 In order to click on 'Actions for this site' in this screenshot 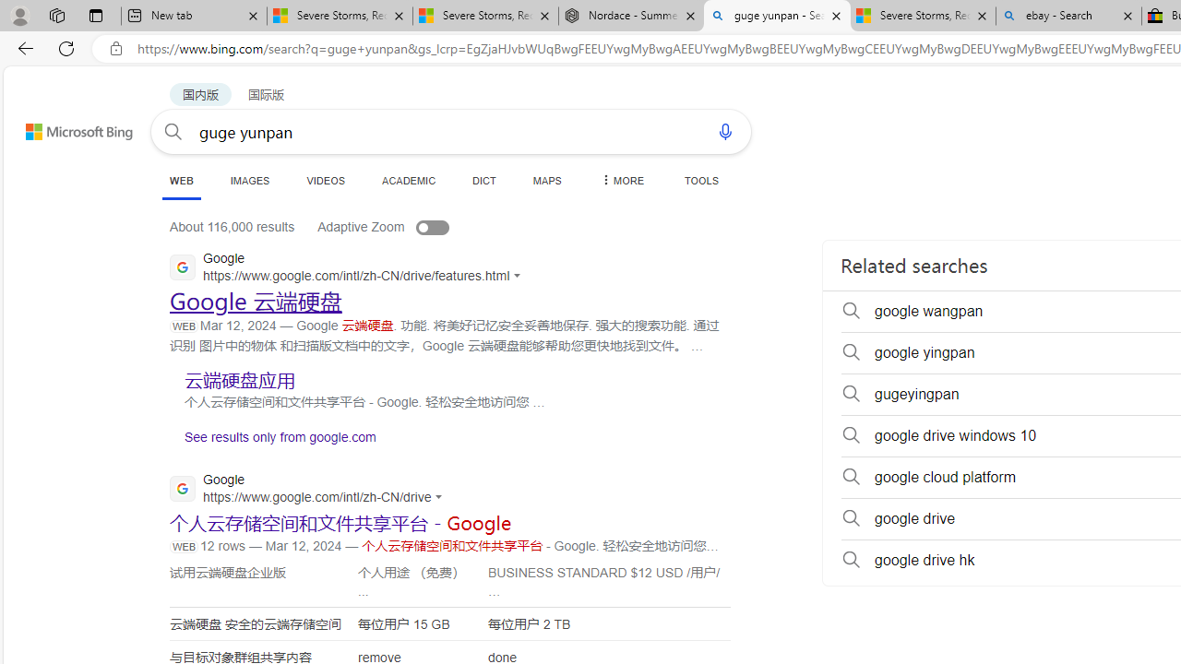, I will do `click(441, 495)`.